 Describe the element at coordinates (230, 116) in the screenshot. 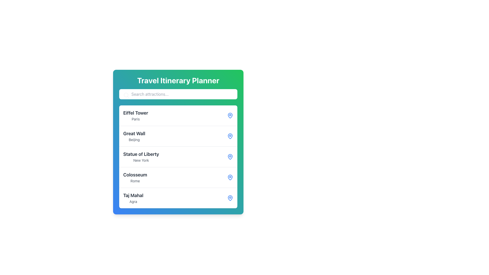

I see `the blue outlined map pin icon located to the right of the text 'Eiffel Tower' and 'Paris'` at that location.